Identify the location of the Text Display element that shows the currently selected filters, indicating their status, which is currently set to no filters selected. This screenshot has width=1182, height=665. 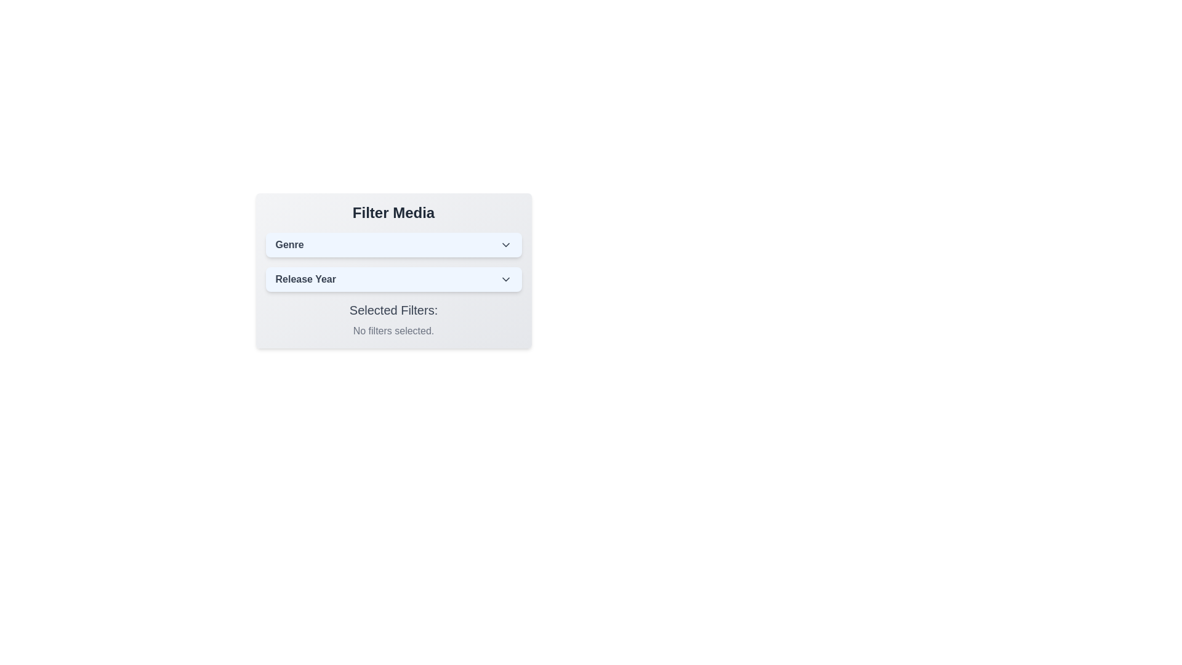
(393, 320).